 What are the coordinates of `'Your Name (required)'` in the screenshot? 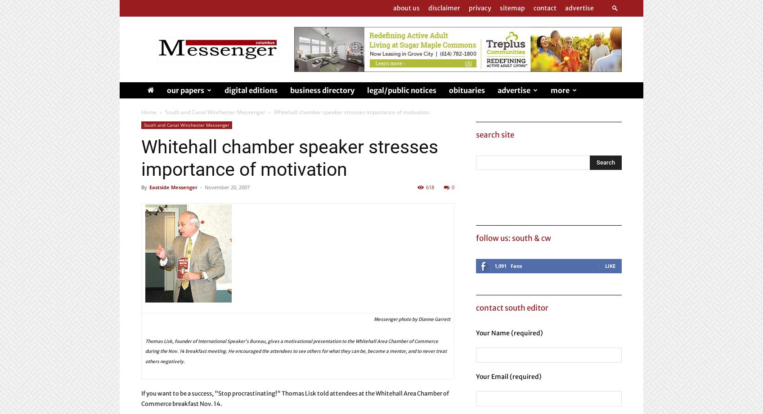 It's located at (509, 333).